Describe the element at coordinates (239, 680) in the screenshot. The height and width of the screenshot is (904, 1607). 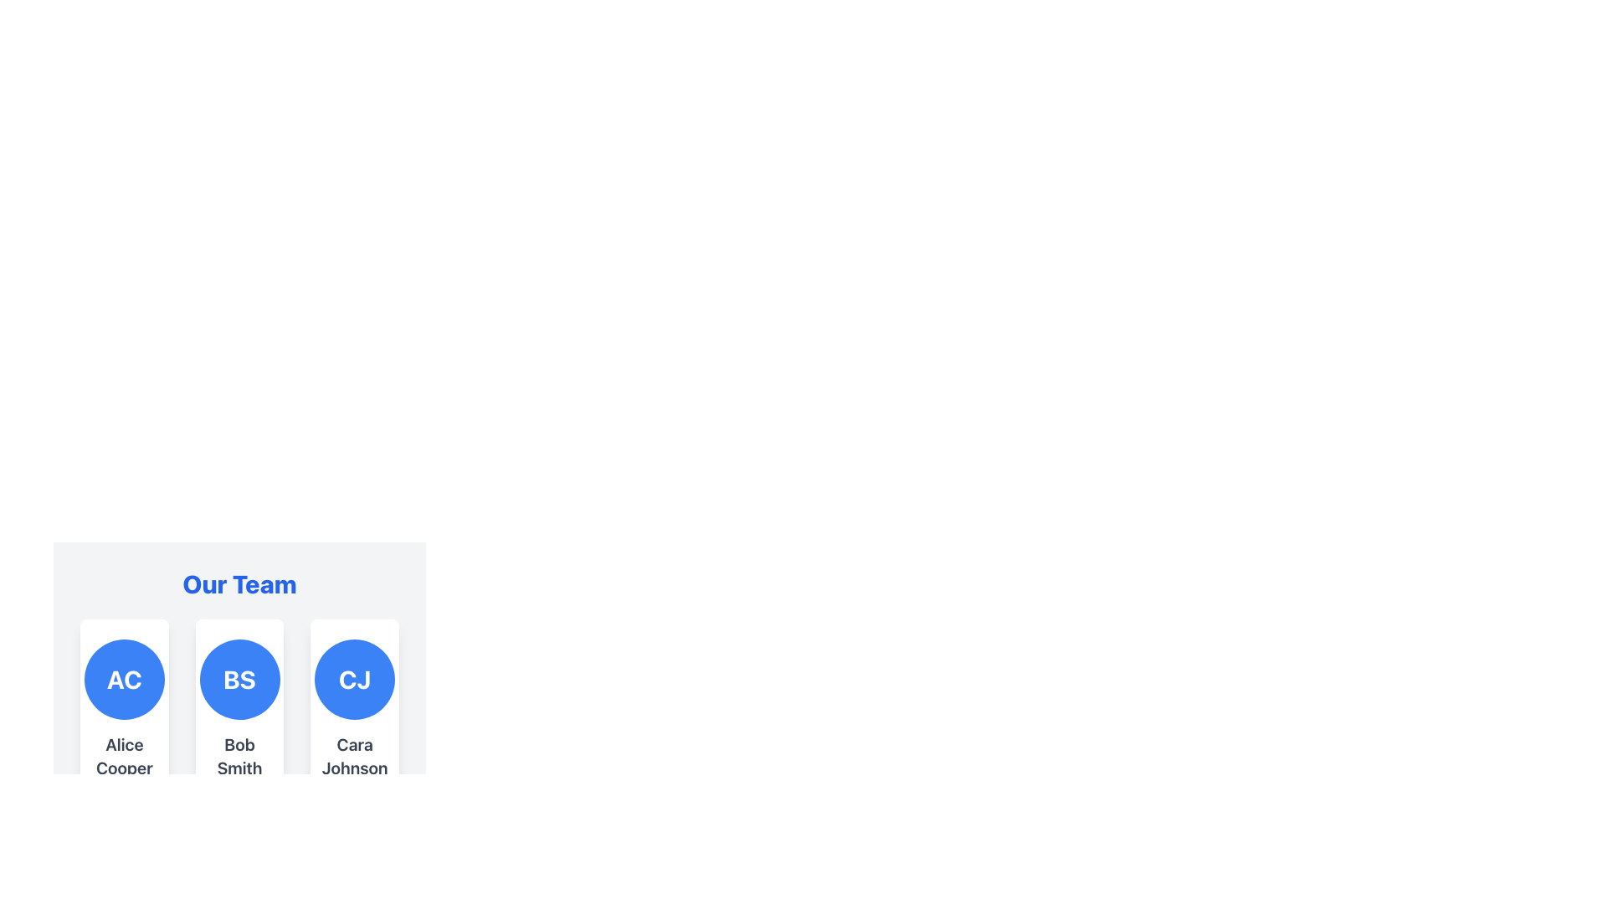
I see `the circular badge with a bright blue background and white text 'BS' centered within it, located above the text 'Bob Smith' in the 'Our Team' section` at that location.